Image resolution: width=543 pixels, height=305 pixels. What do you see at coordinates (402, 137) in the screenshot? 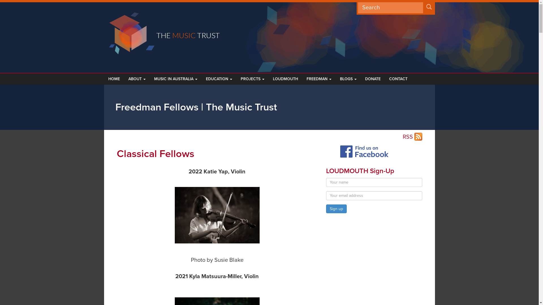
I see `'RSS'` at bounding box center [402, 137].